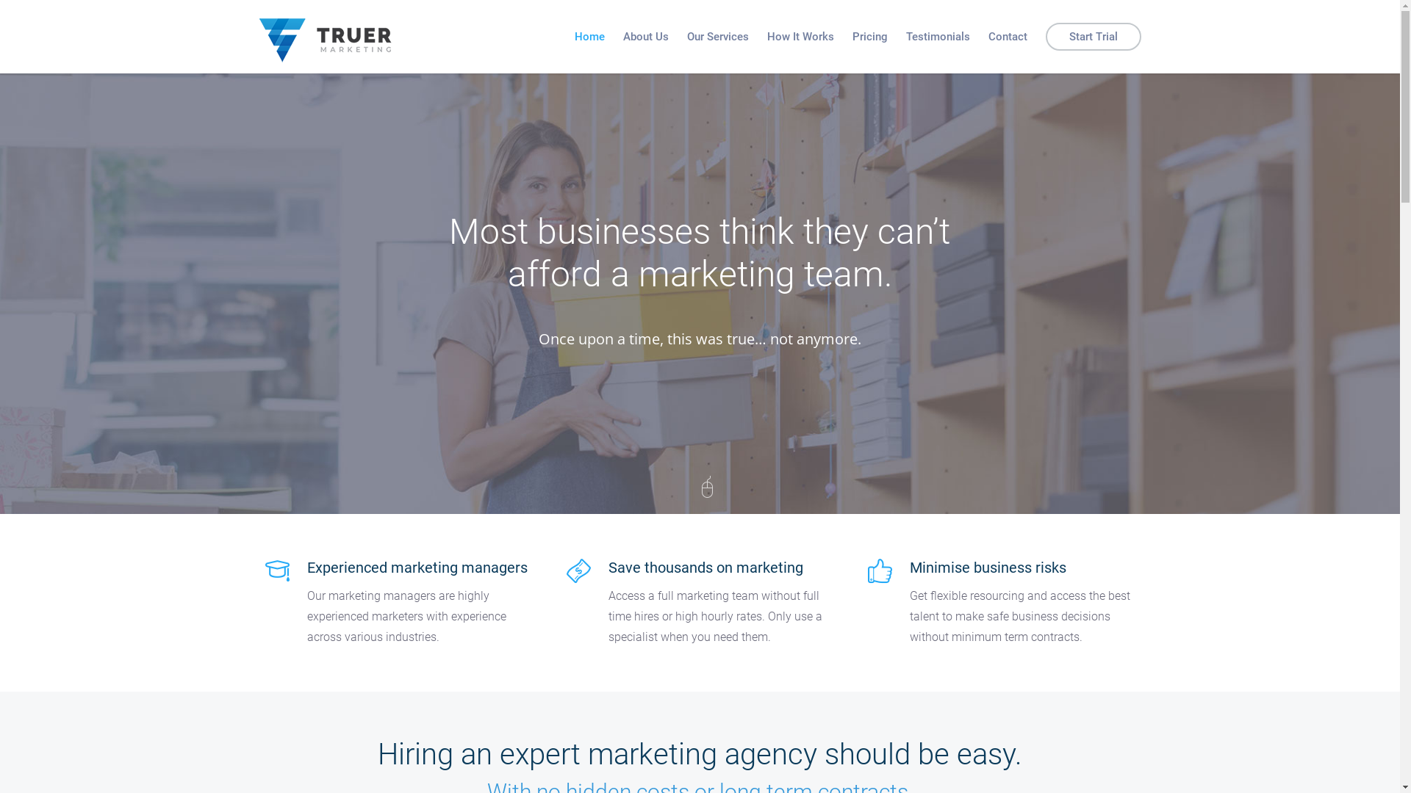  I want to click on 'Home', so click(589, 36).